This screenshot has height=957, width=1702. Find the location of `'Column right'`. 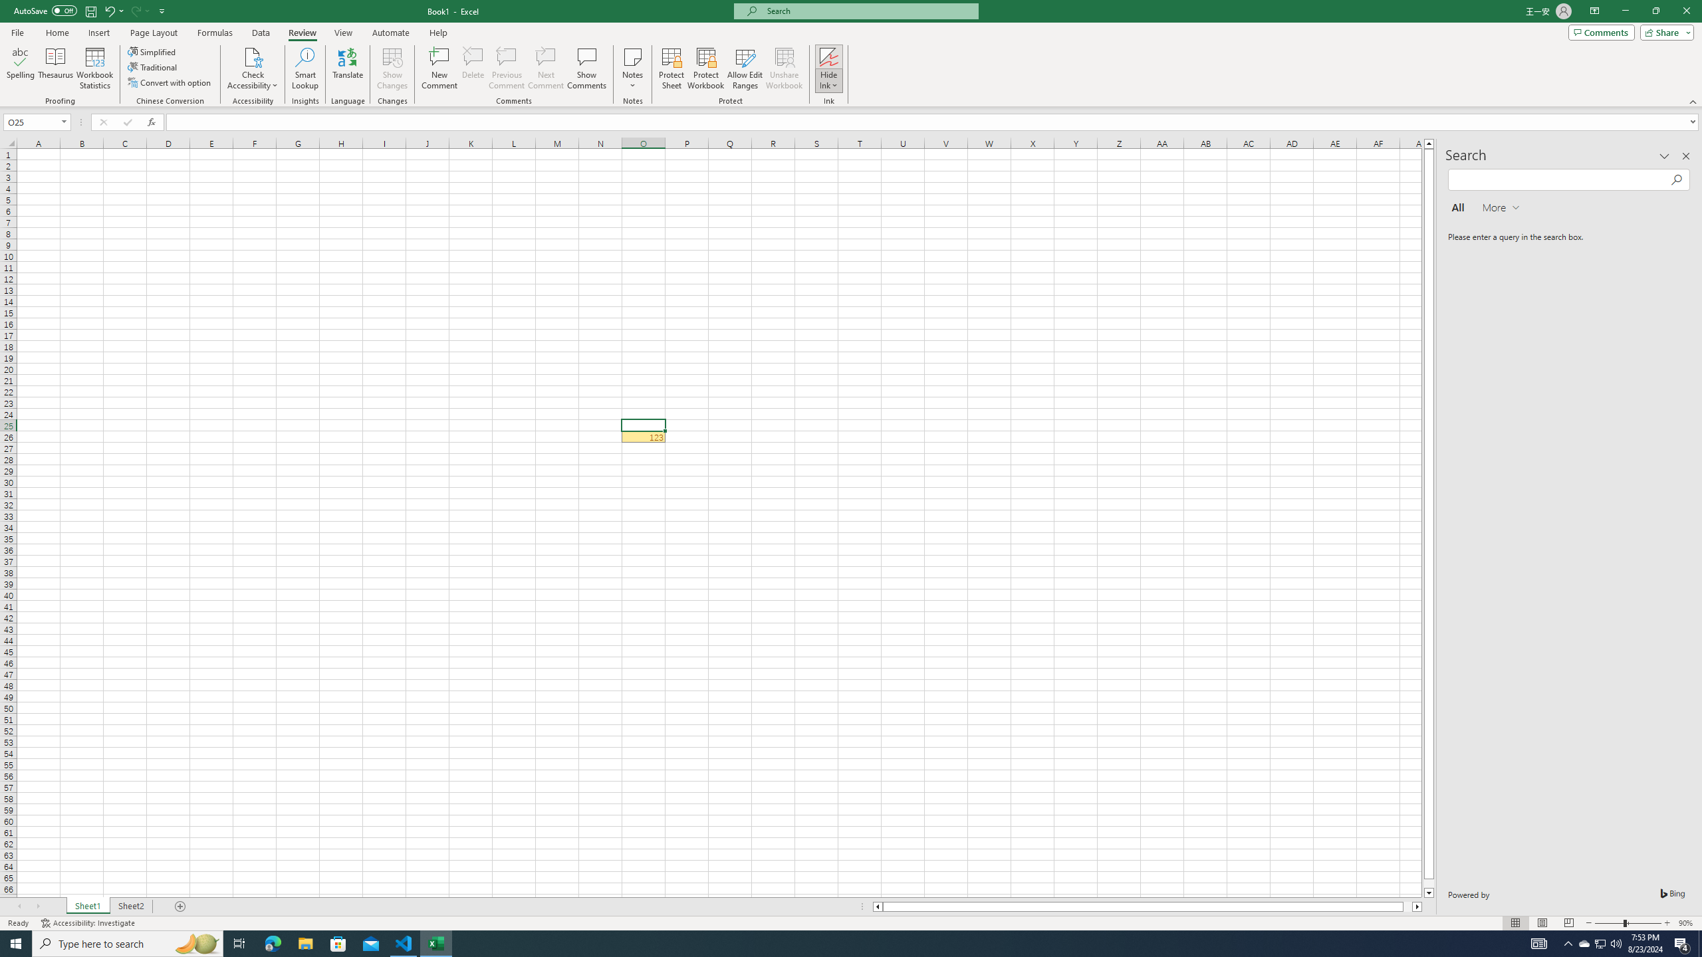

'Column right' is located at coordinates (1417, 906).